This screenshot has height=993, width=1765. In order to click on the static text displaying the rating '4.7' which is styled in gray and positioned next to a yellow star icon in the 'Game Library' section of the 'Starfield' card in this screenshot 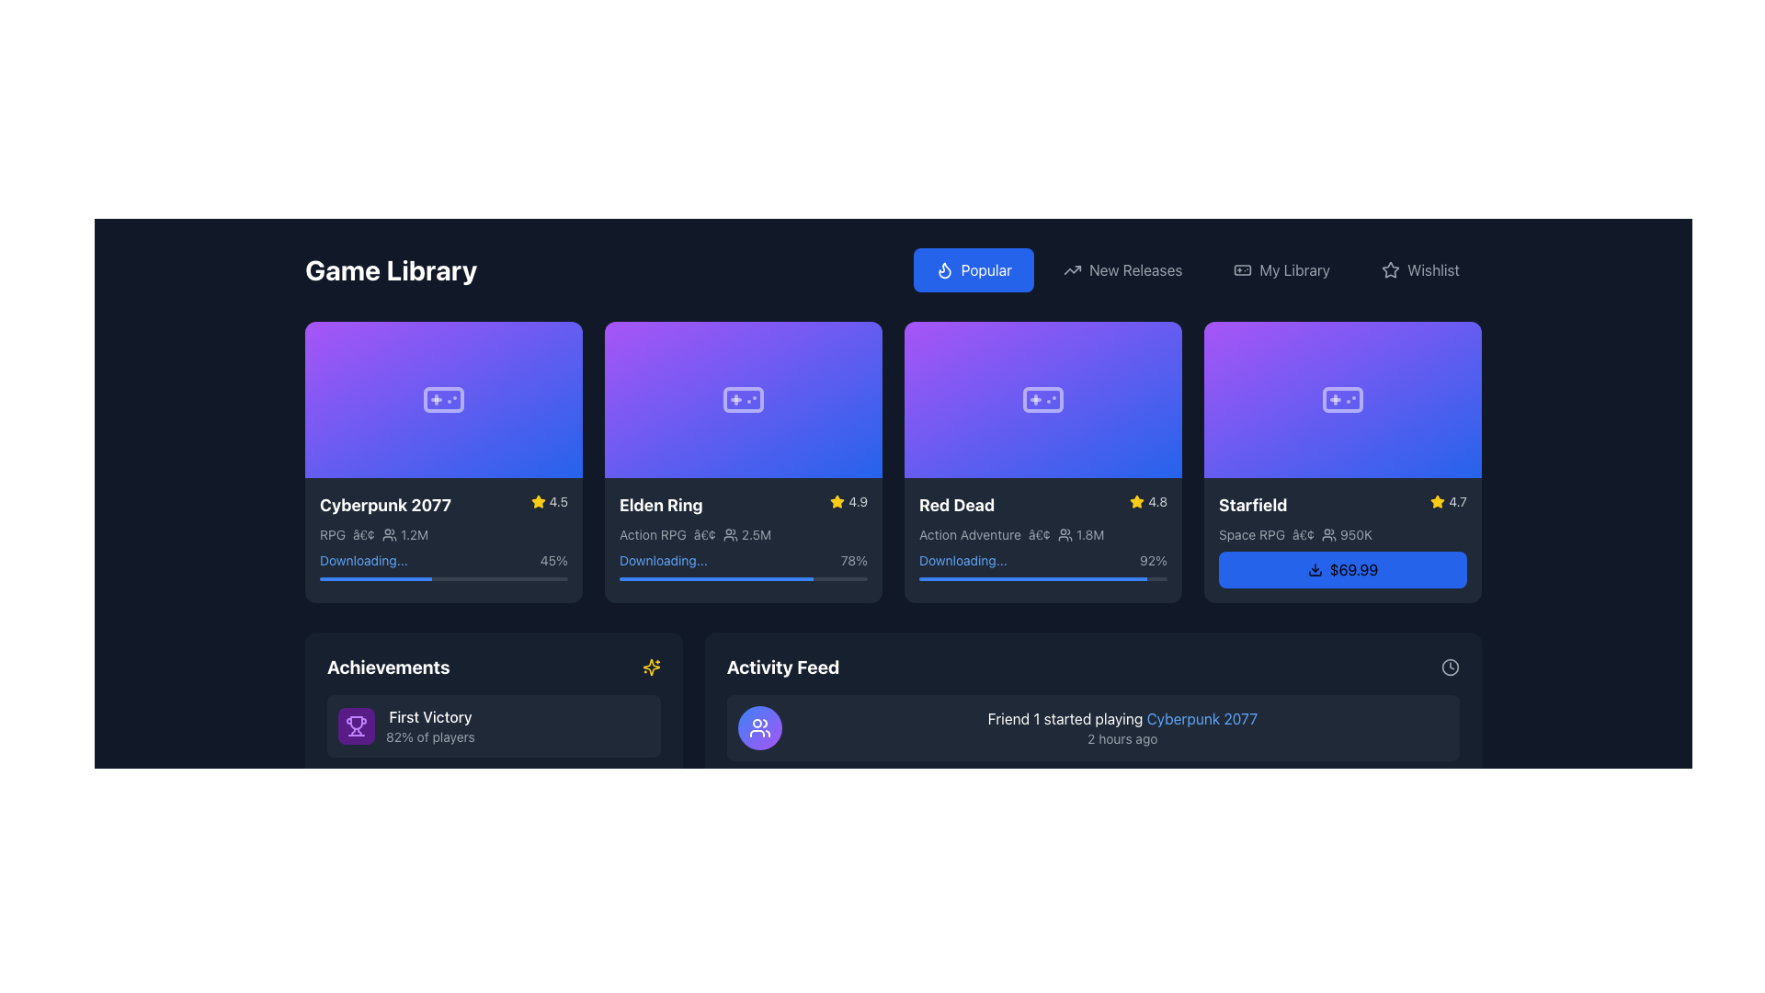, I will do `click(1457, 501)`.